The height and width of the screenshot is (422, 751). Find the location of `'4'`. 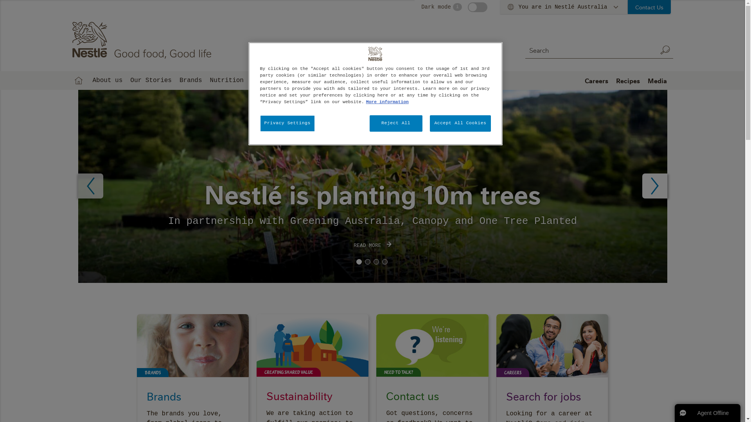

'4' is located at coordinates (384, 262).